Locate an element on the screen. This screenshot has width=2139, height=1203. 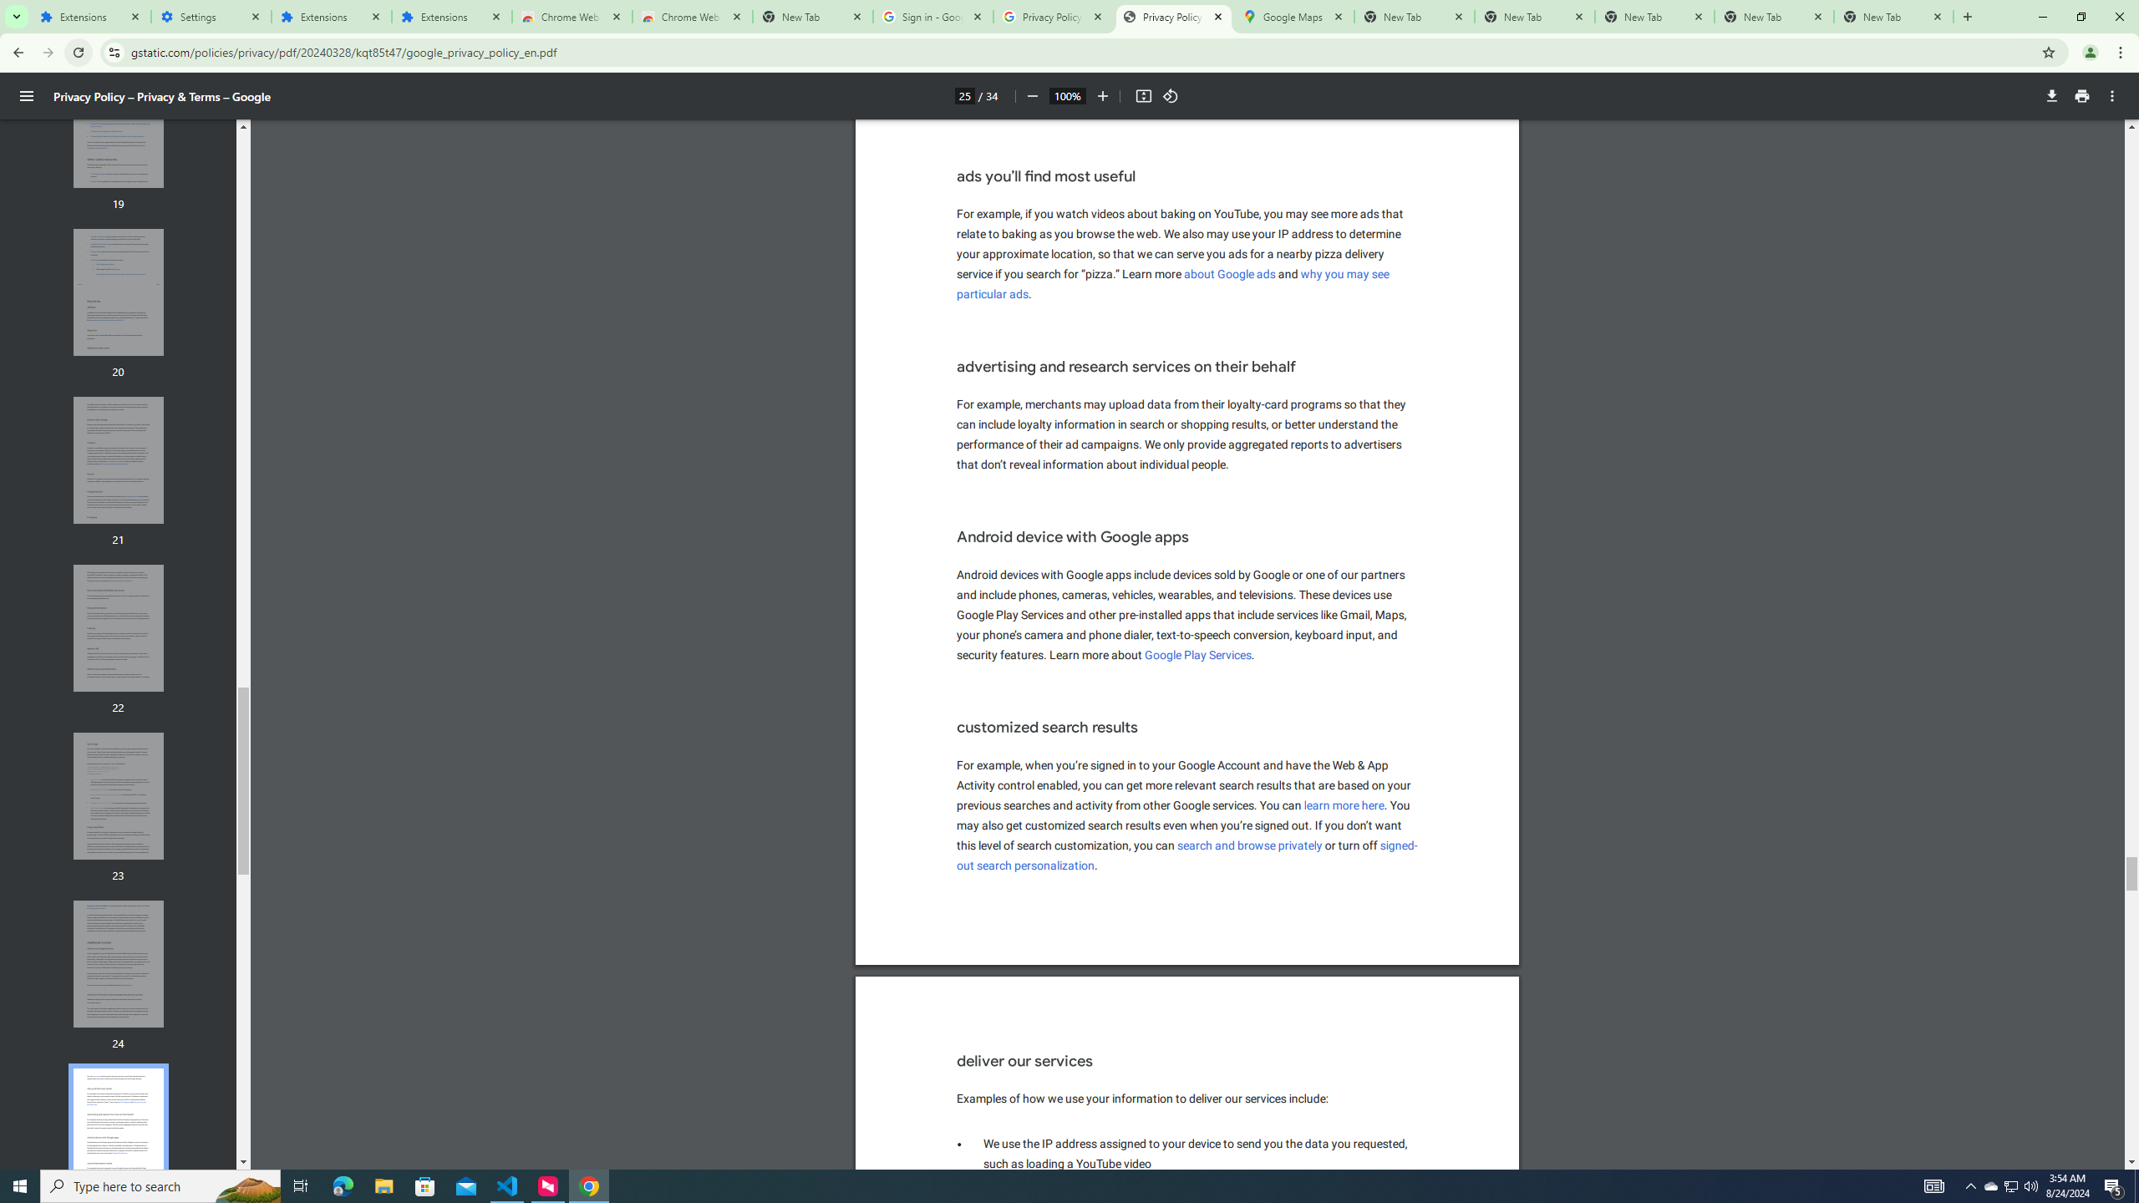
'Settings' is located at coordinates (211, 16).